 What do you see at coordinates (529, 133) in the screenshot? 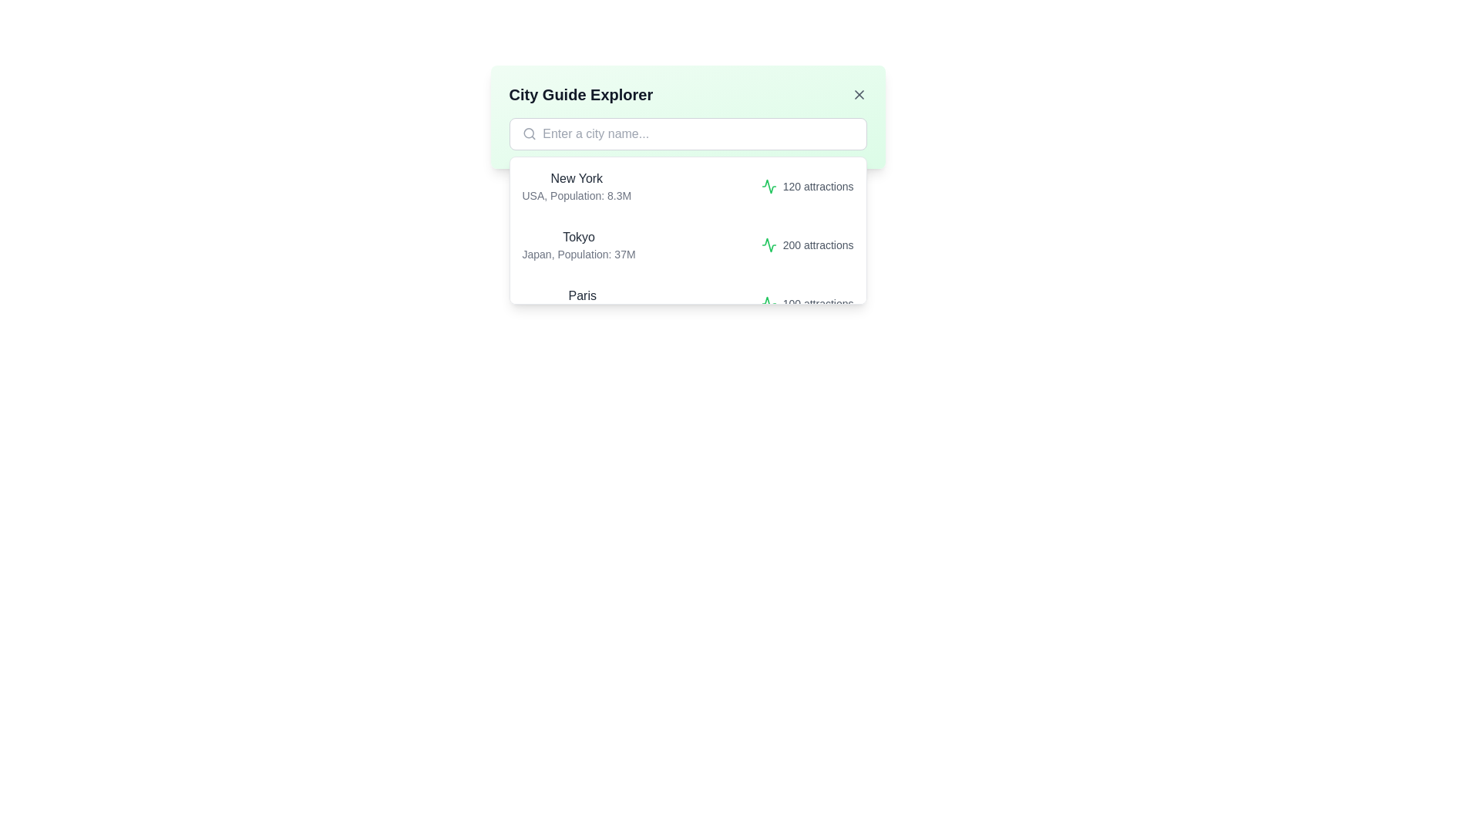
I see `the hollow circular icon element located in the search bar of the 'City Guide Explorer' panel` at bounding box center [529, 133].